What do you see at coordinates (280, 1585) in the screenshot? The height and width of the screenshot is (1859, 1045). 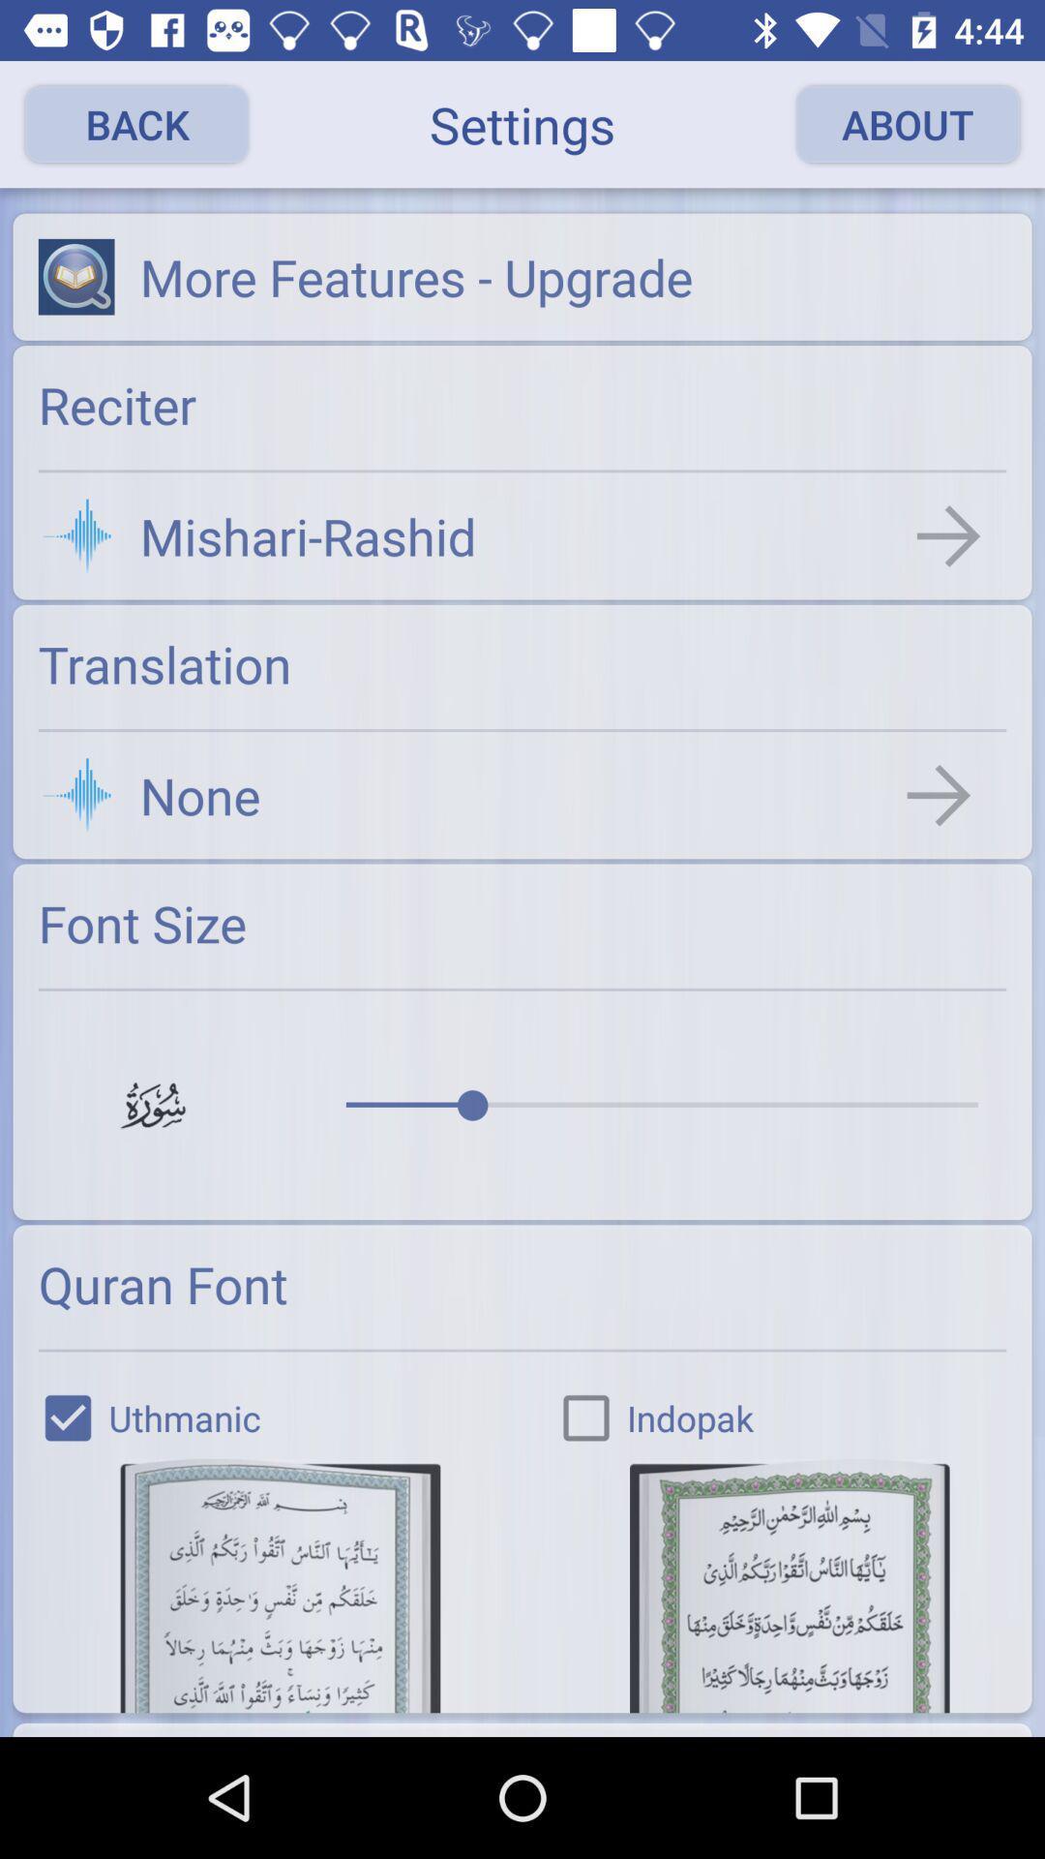 I see `uthmanic font` at bounding box center [280, 1585].